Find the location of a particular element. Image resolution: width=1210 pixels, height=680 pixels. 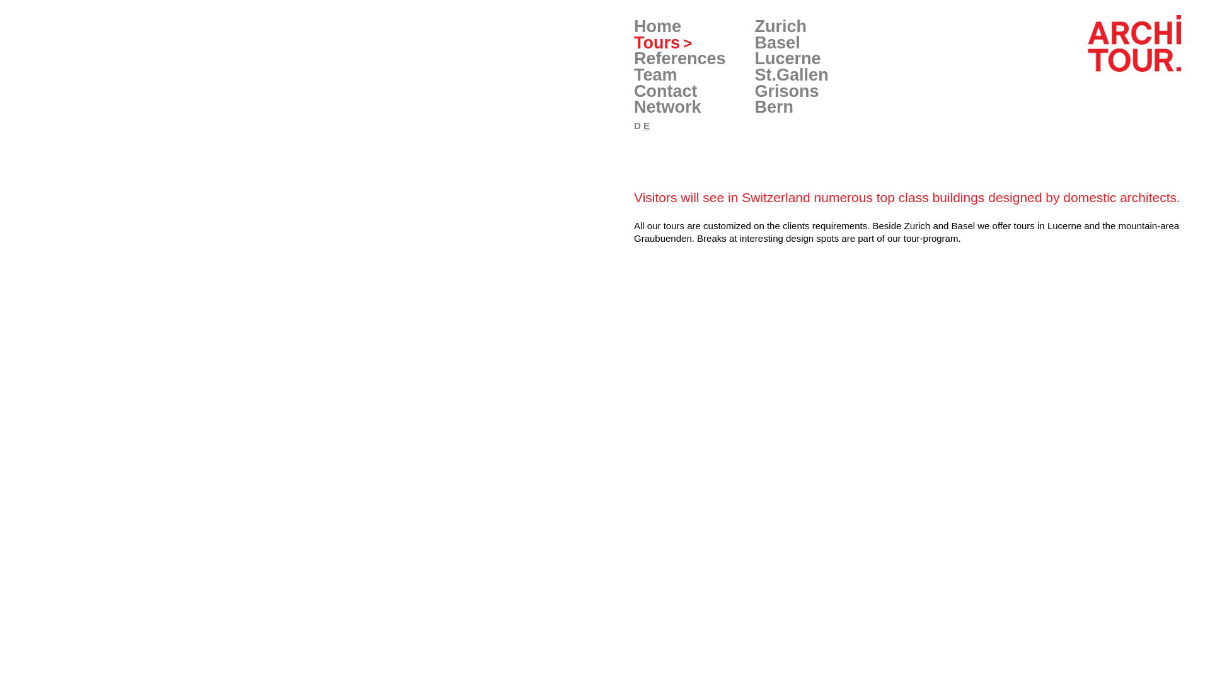

'Team' is located at coordinates (655, 75).